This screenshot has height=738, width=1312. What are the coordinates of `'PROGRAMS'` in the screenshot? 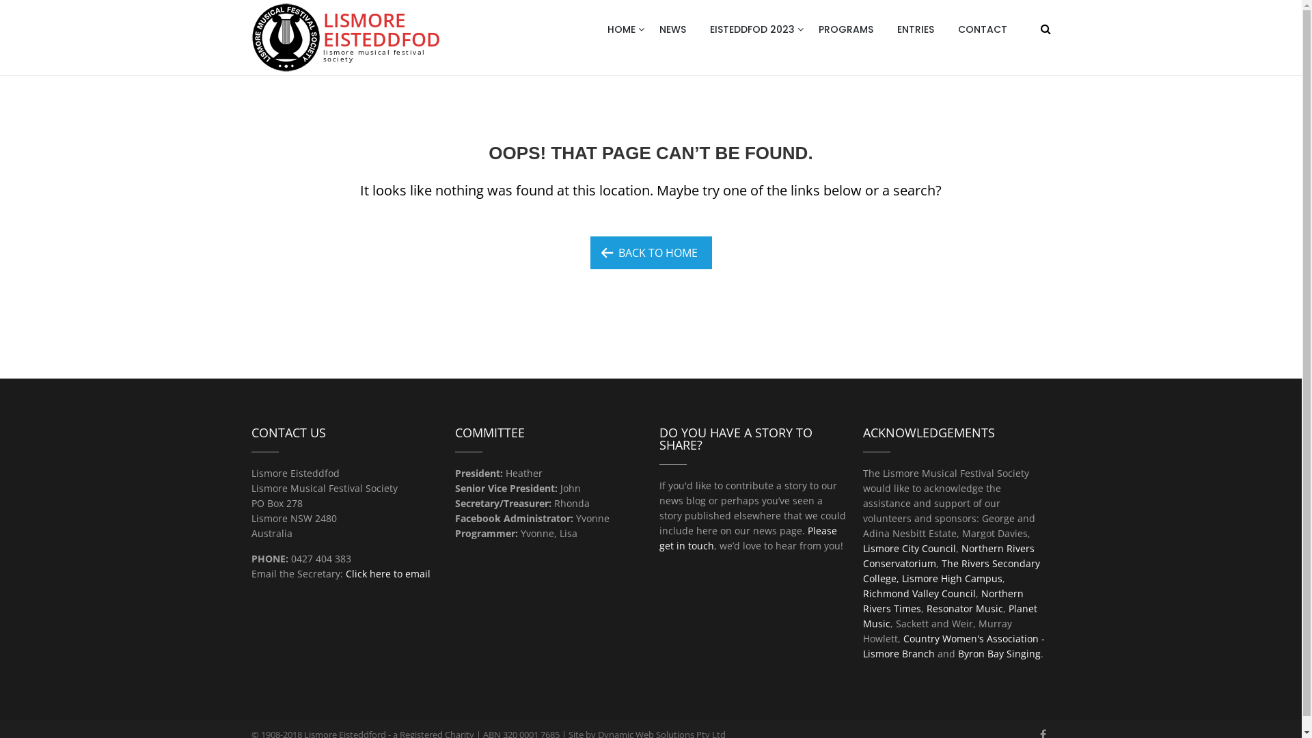 It's located at (852, 29).